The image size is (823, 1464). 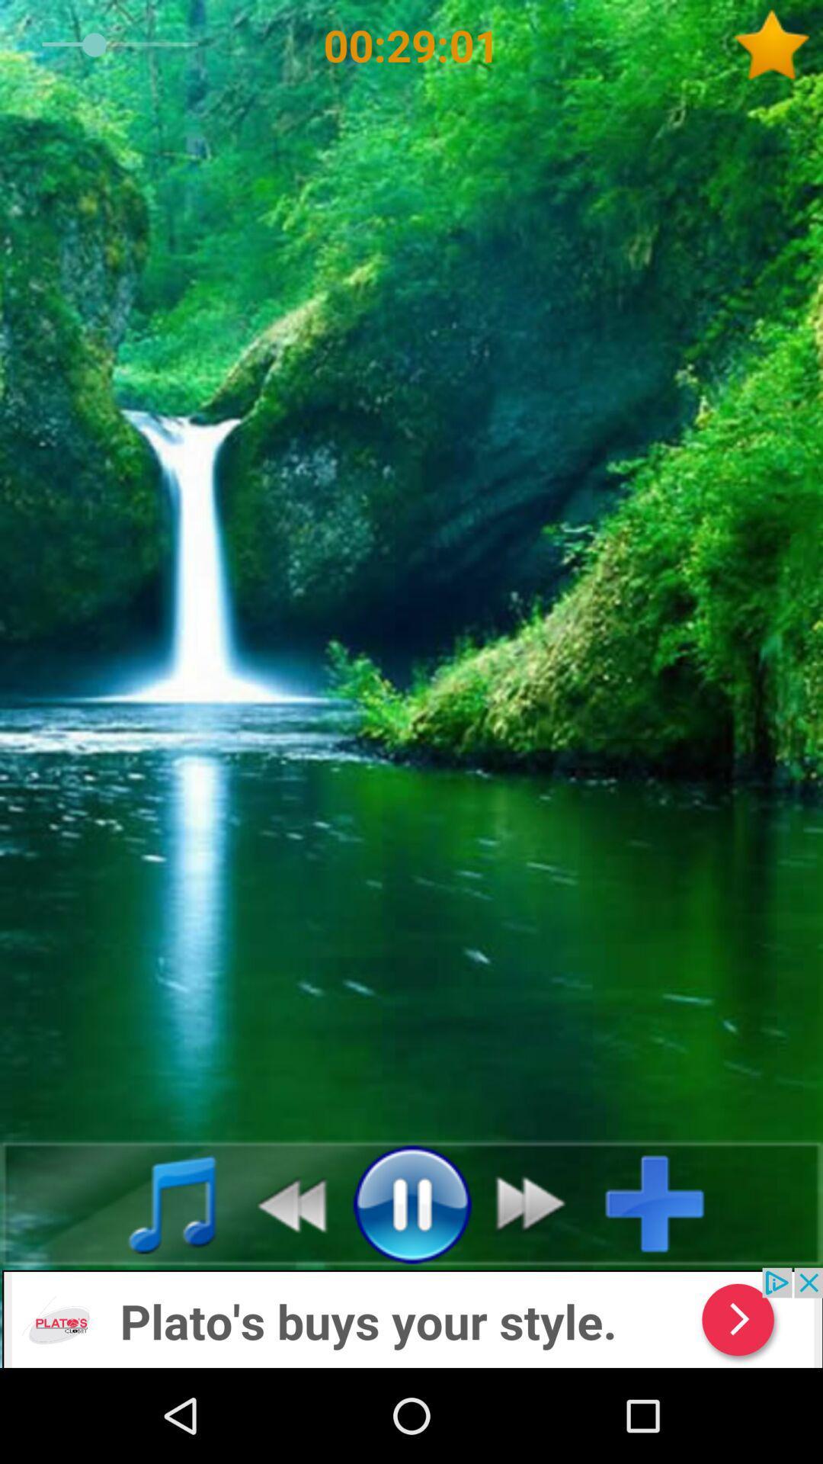 What do you see at coordinates (777, 45) in the screenshot?
I see `the star icon` at bounding box center [777, 45].